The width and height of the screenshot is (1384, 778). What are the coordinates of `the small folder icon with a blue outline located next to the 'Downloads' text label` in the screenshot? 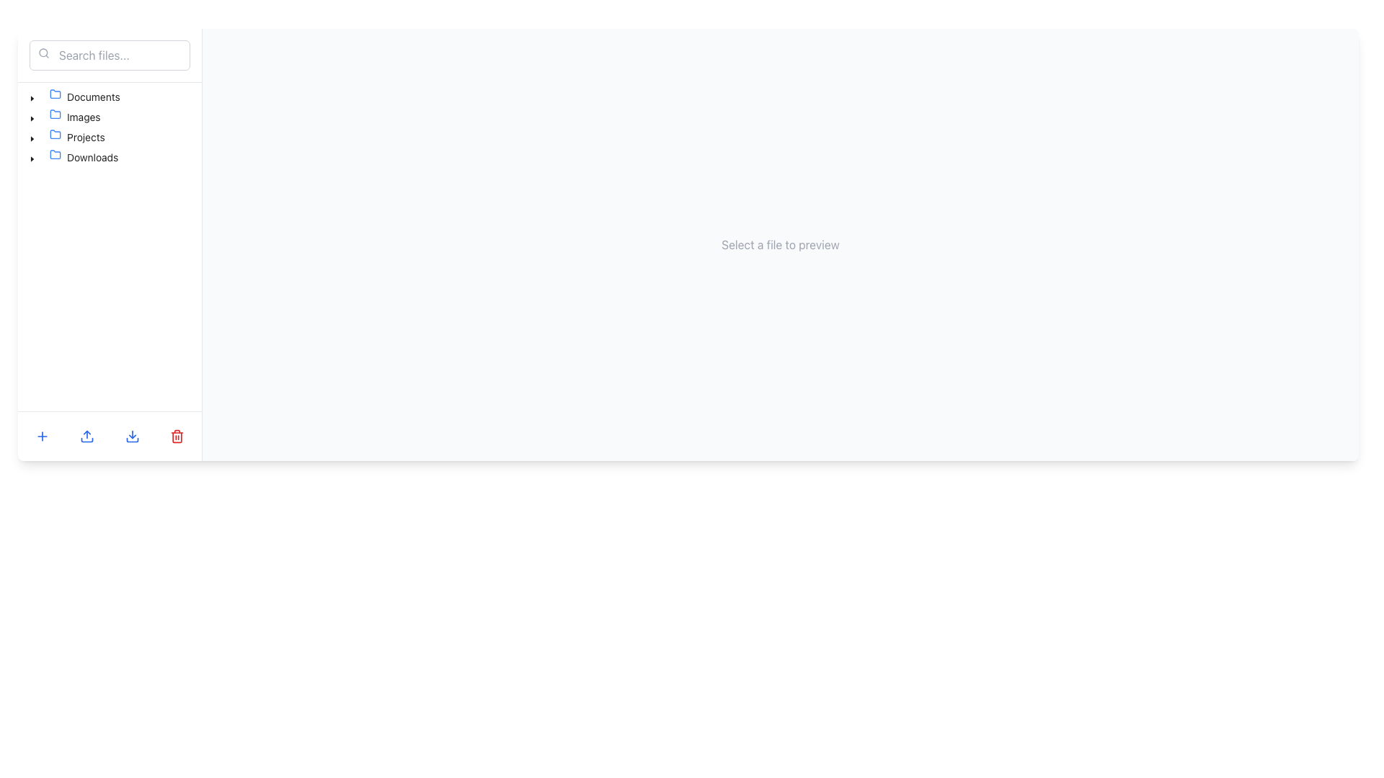 It's located at (55, 155).